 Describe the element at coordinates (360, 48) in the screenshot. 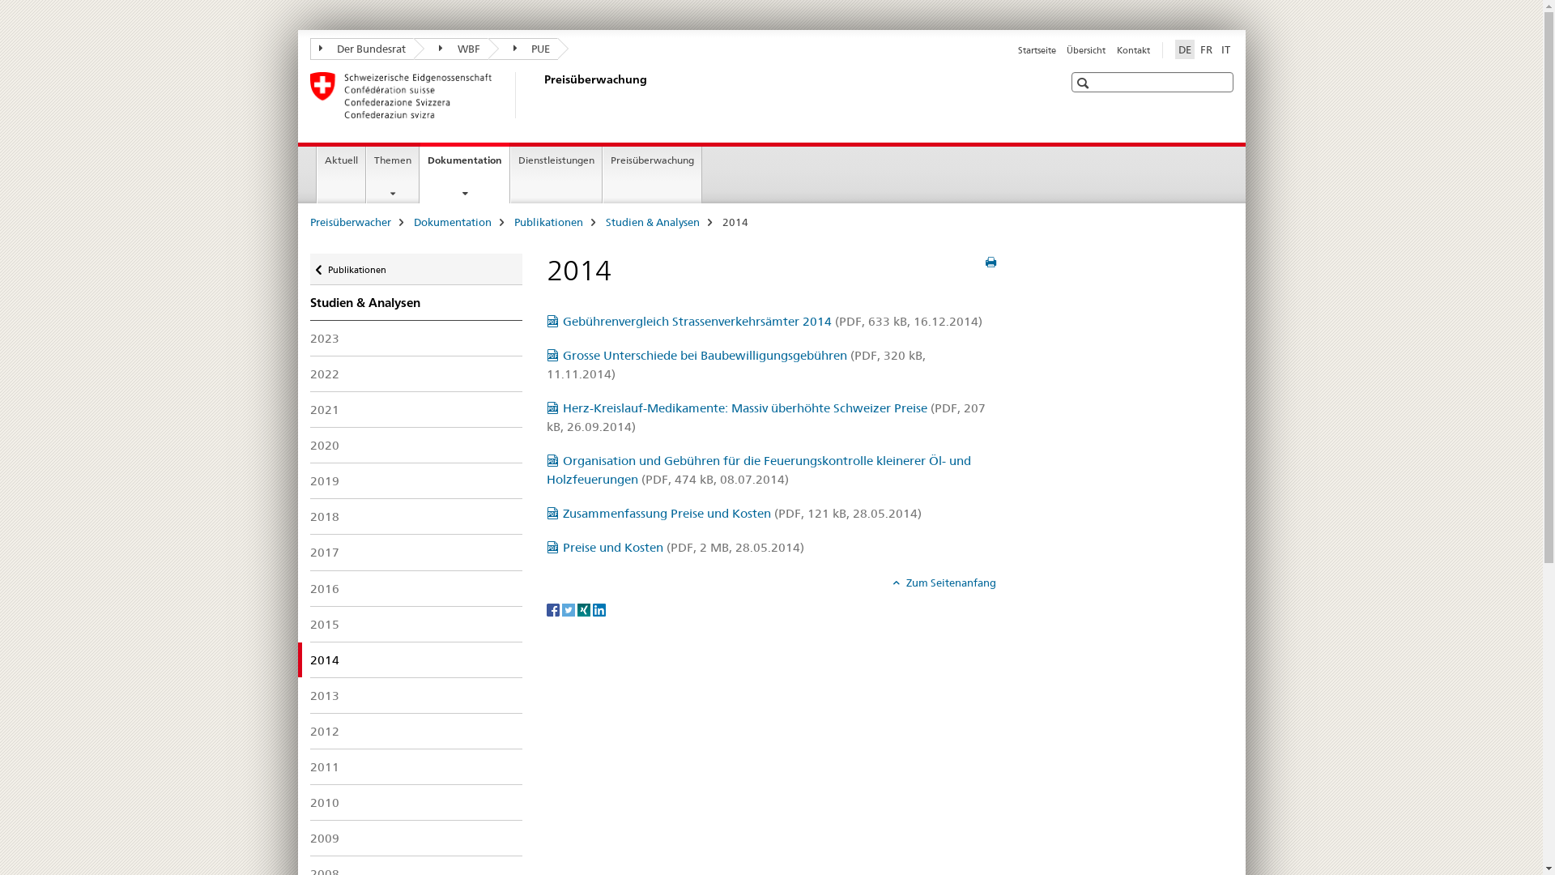

I see `'Der Bundesrat'` at that location.